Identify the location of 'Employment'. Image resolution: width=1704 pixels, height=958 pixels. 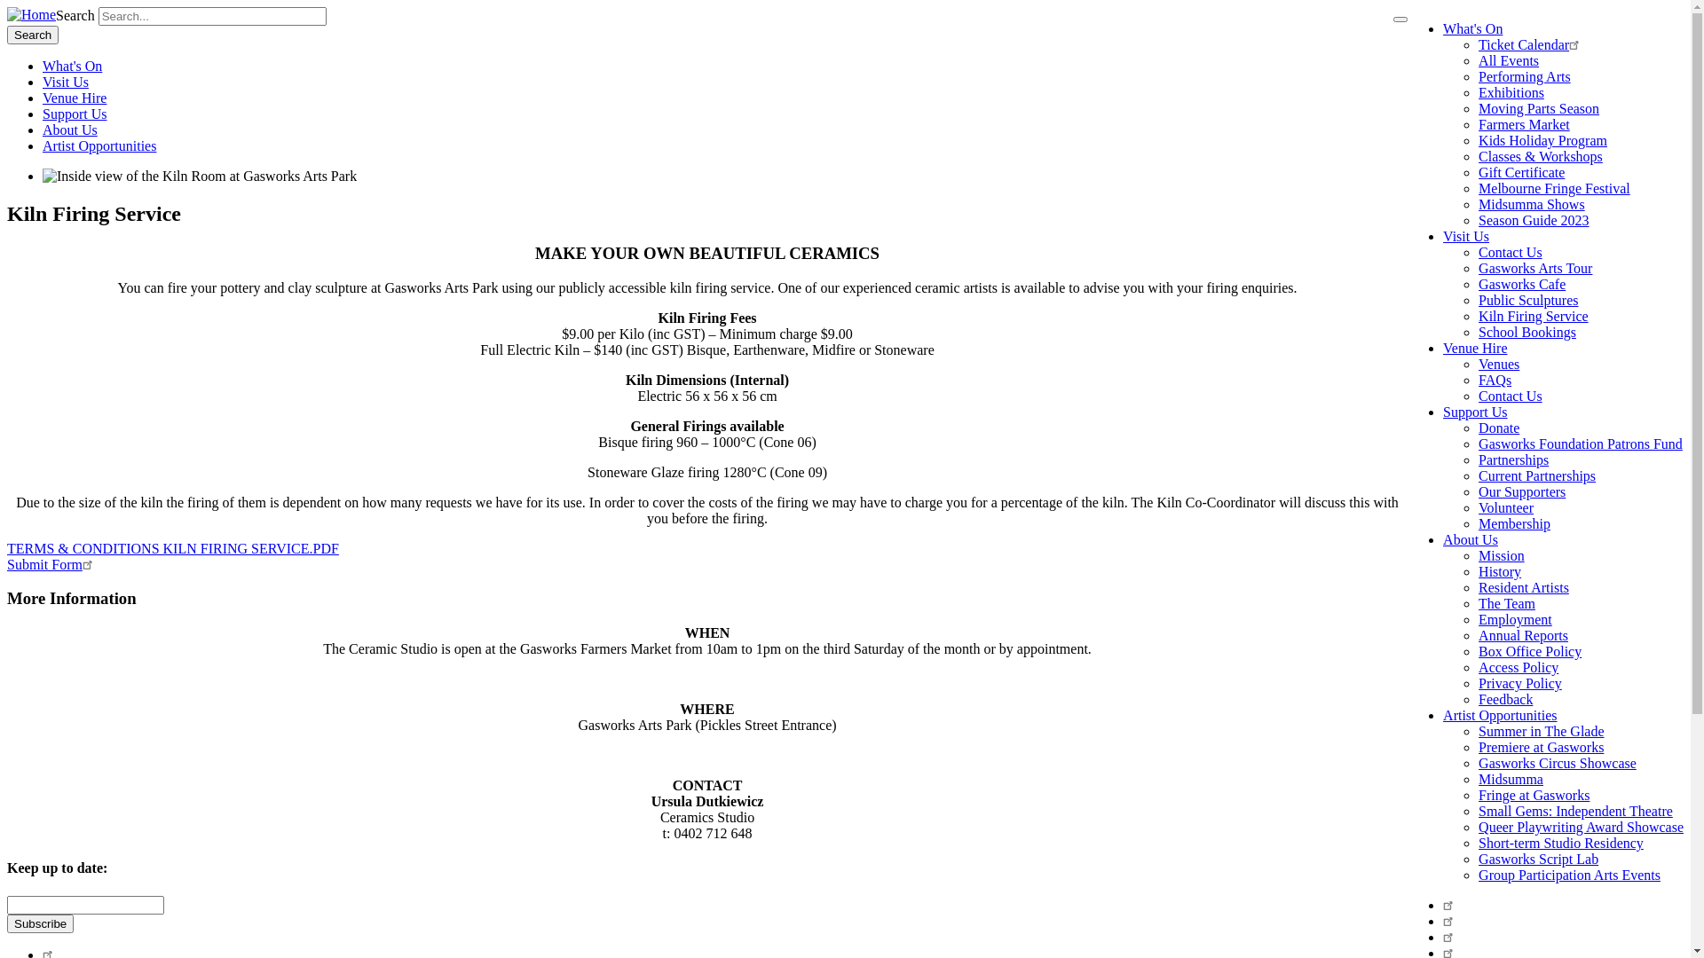
(1514, 618).